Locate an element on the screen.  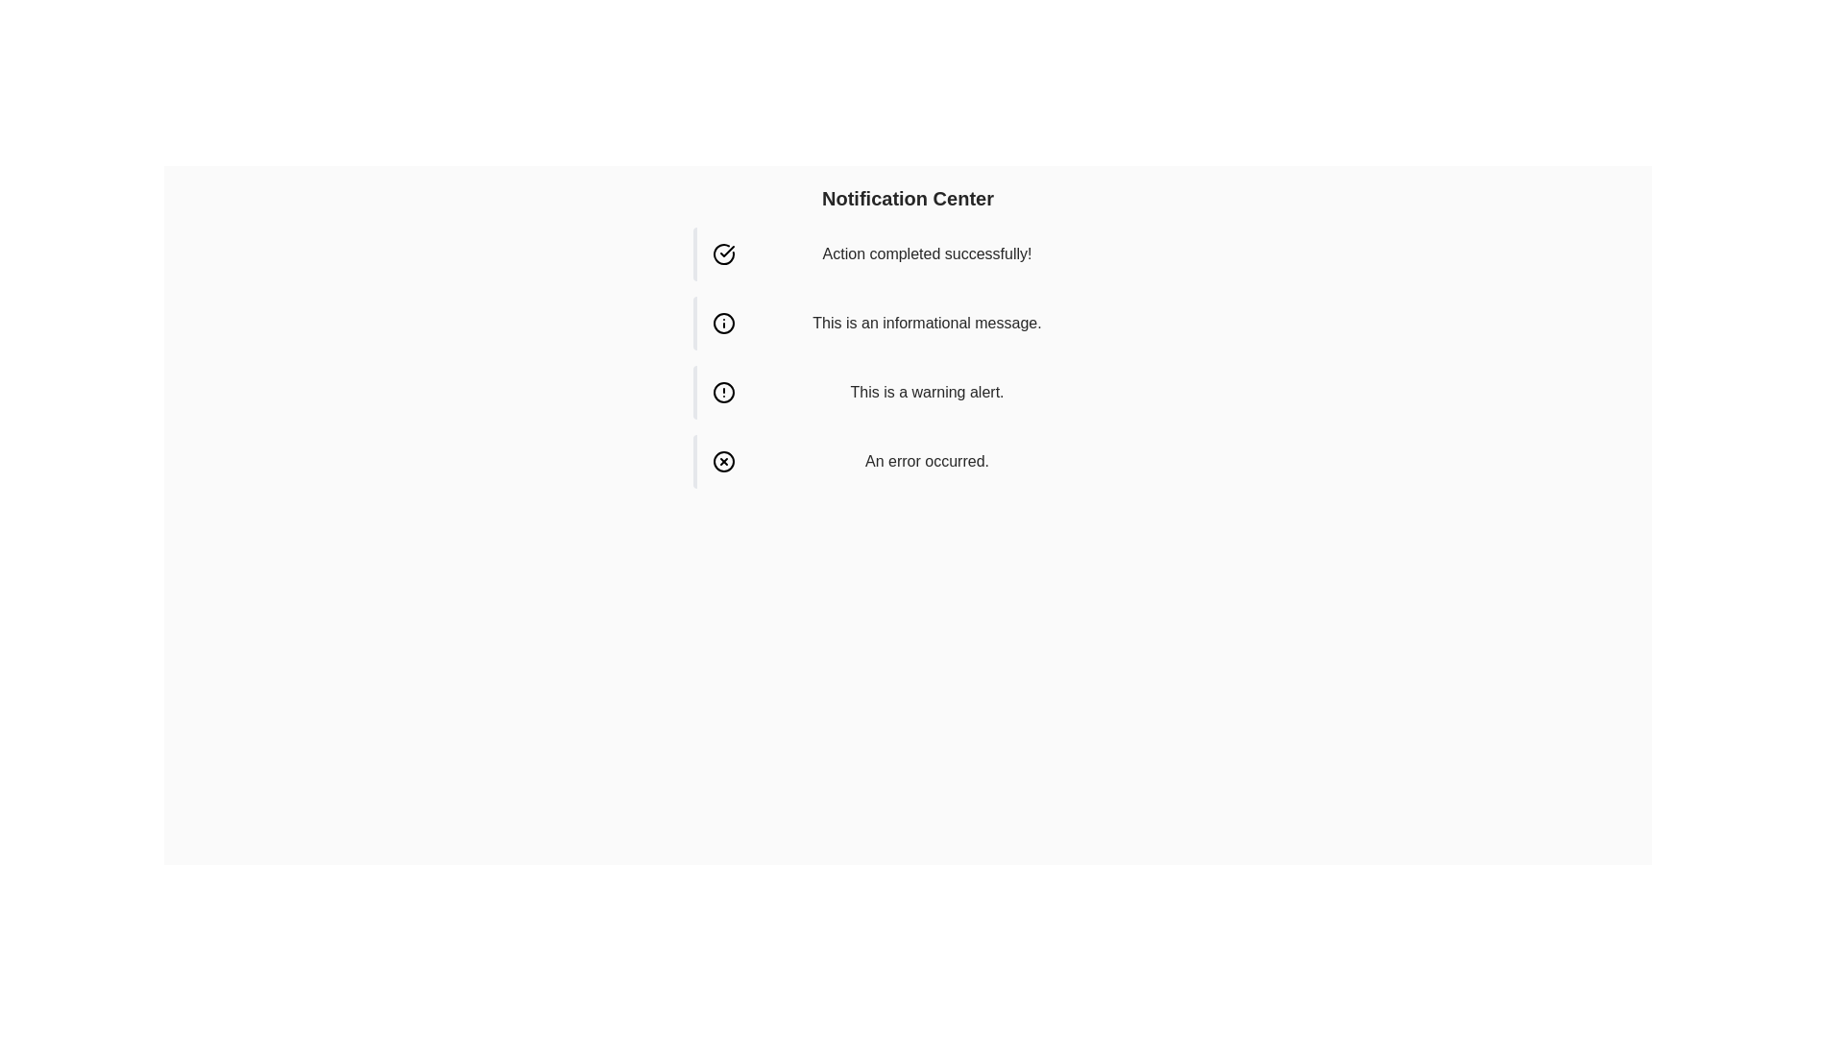
the Notification banner that indicates successful completion of an action, positioned at the top of the vertical stack of alert messages is located at coordinates (907, 253).